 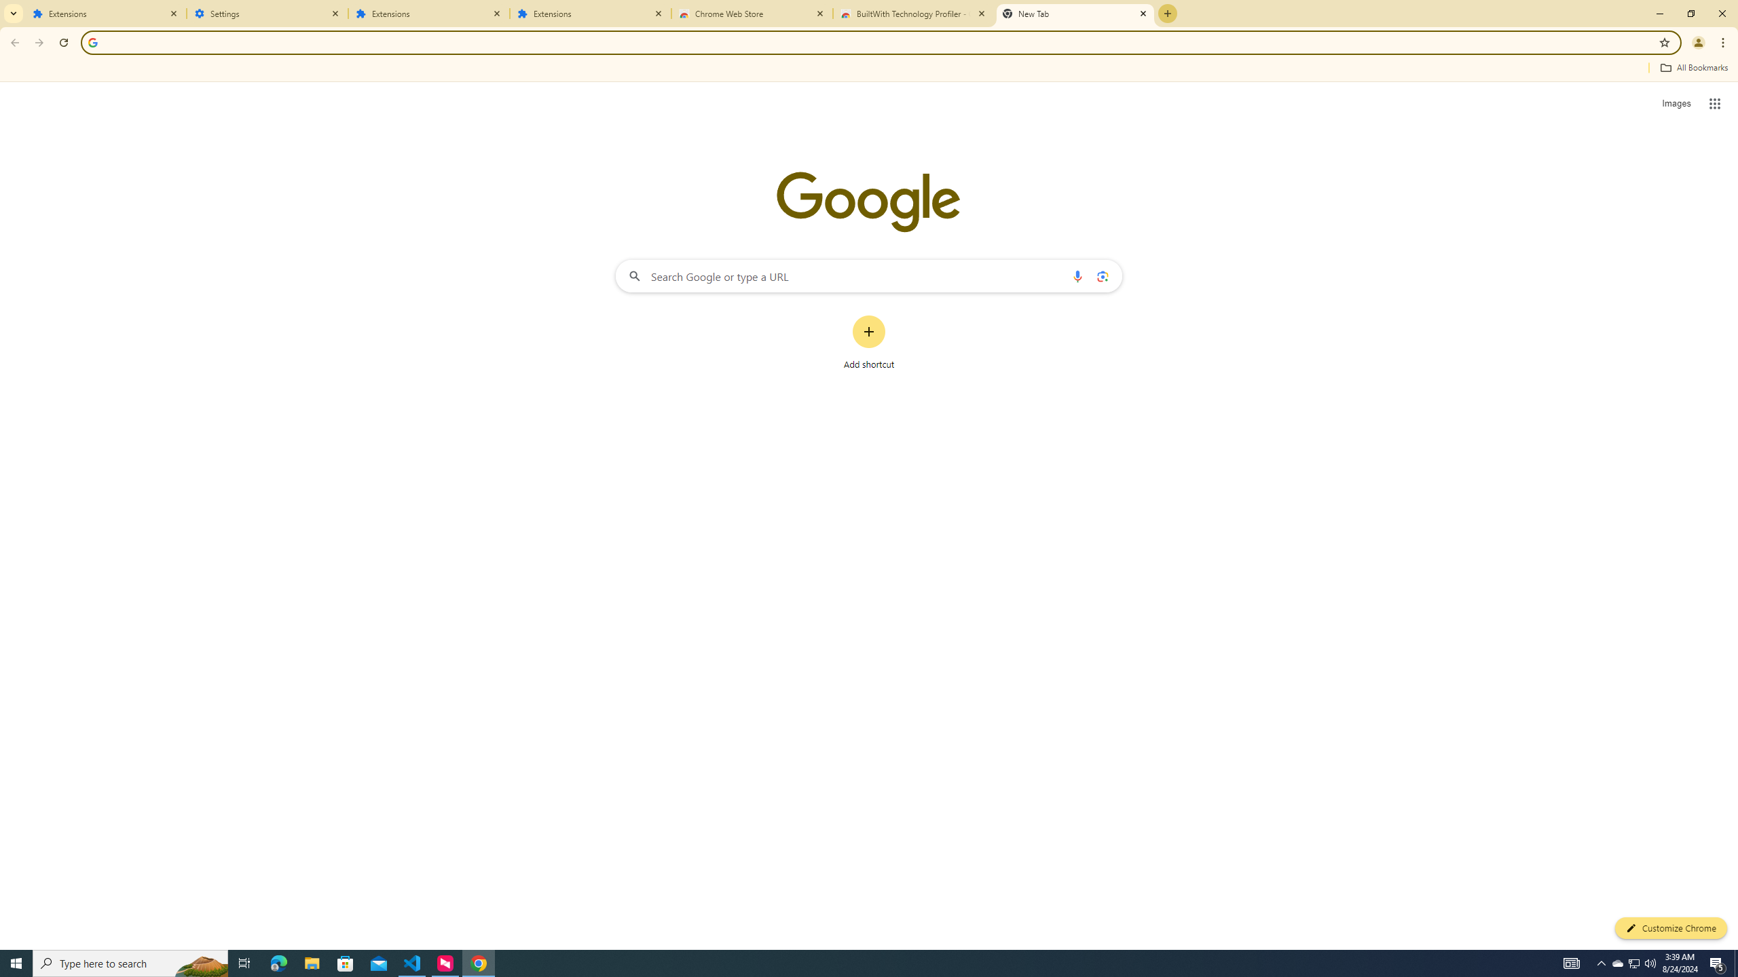 I want to click on 'Settings', so click(x=267, y=13).